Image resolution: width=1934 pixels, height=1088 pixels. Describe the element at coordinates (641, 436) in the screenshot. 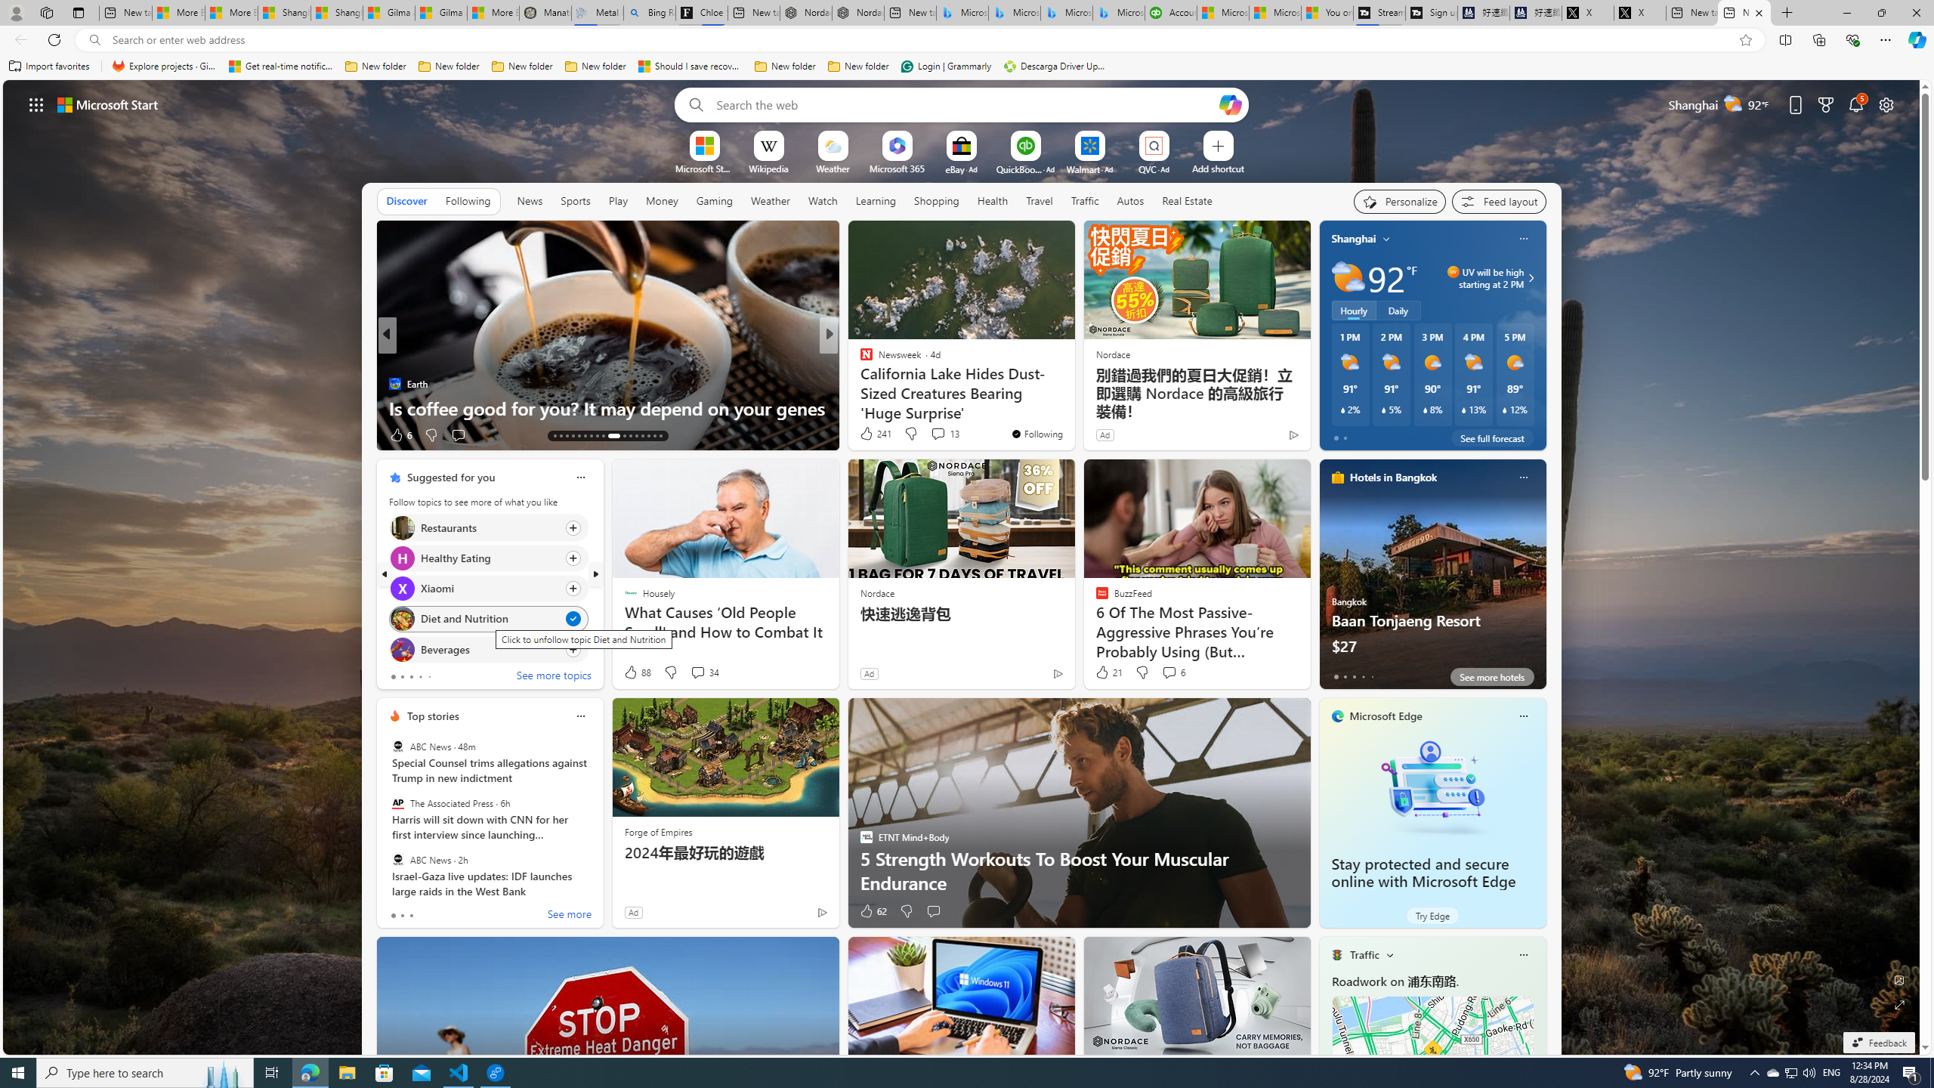

I see `'AutomationID: tab-26'` at that location.